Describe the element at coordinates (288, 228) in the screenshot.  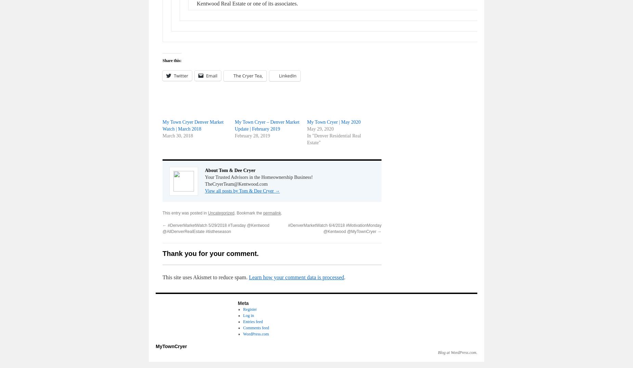
I see `'#DenverMarketWatch 6/4/2018 #MotivationMonday @Kentwood @MyTownCryer'` at that location.